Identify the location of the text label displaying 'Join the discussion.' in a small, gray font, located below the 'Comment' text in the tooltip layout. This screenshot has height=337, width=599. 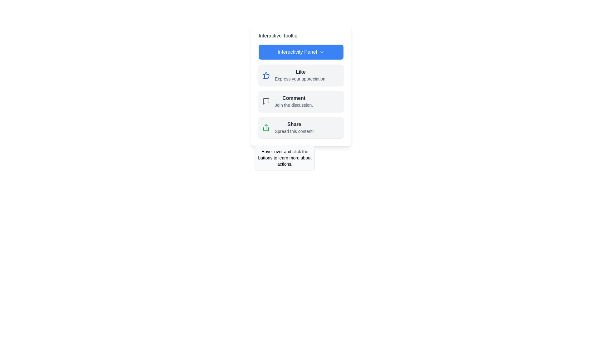
(294, 105).